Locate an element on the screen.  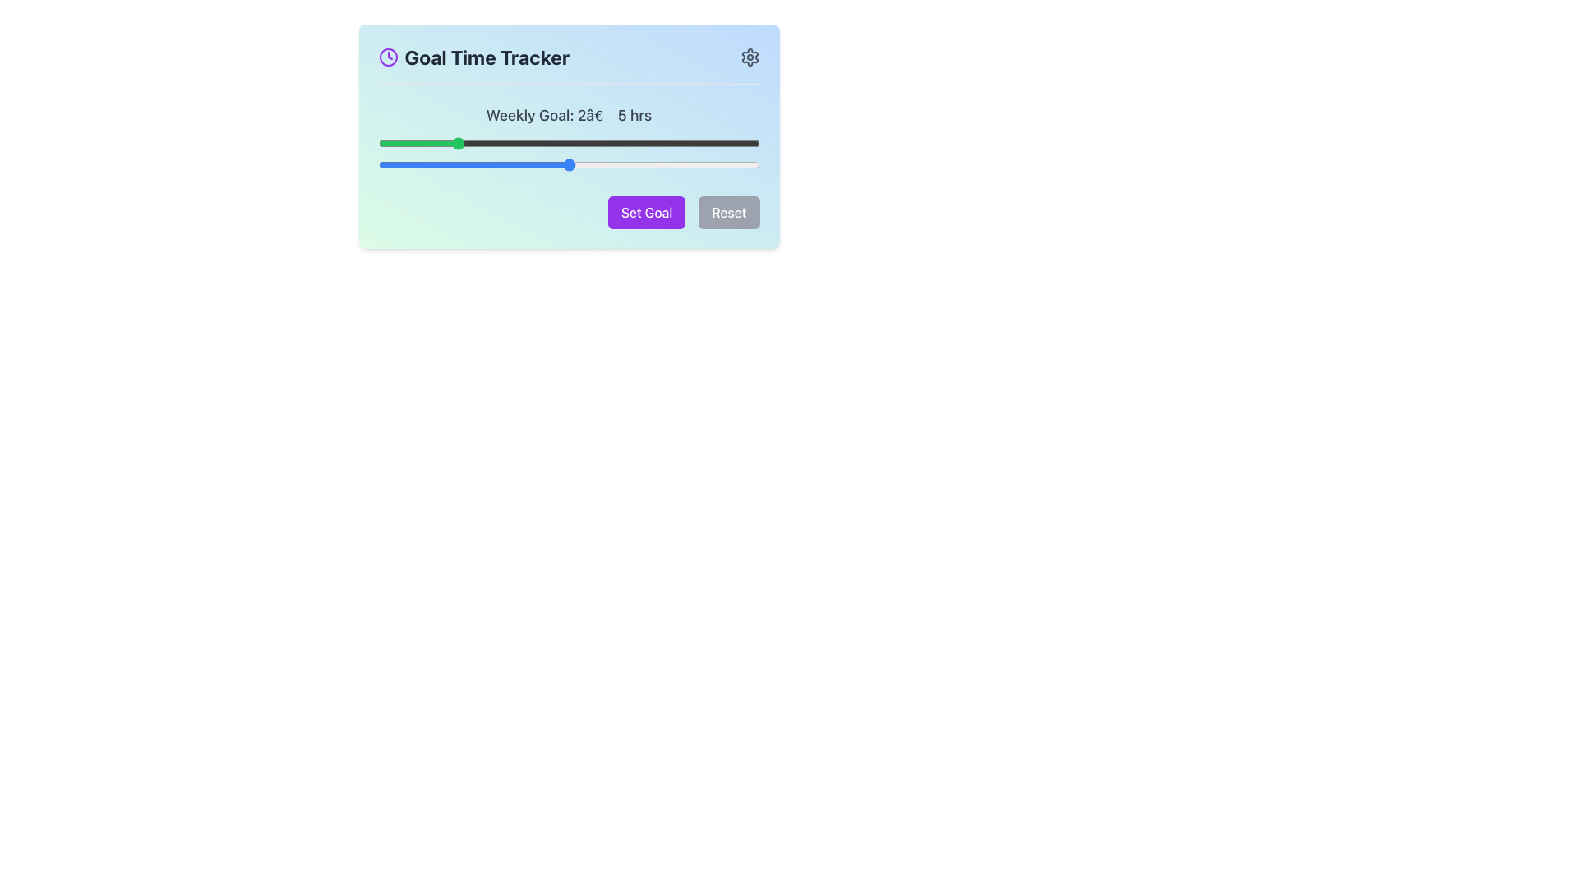
the reset button, which is the rightmost button of two horizontally aligned buttons in the goal tracker settings is located at coordinates (728, 211).